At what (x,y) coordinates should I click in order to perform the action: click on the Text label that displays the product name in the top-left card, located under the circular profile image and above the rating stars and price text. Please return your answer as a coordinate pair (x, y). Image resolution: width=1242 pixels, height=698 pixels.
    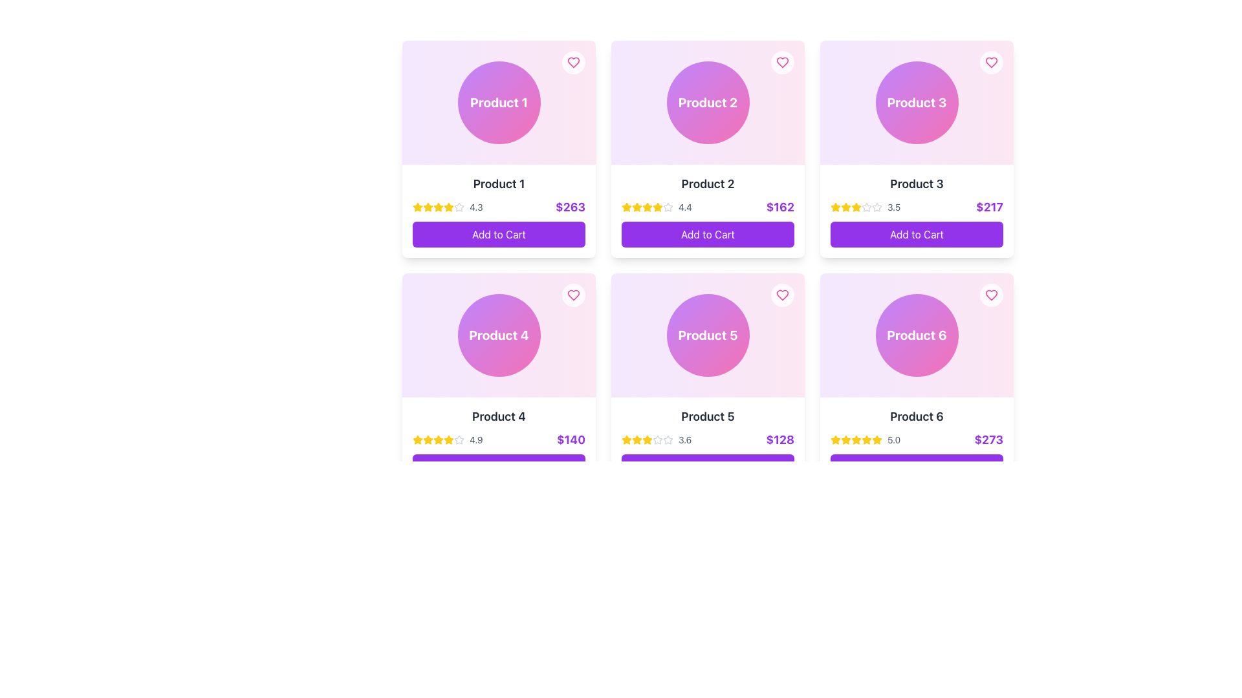
    Looking at the image, I should click on (498, 184).